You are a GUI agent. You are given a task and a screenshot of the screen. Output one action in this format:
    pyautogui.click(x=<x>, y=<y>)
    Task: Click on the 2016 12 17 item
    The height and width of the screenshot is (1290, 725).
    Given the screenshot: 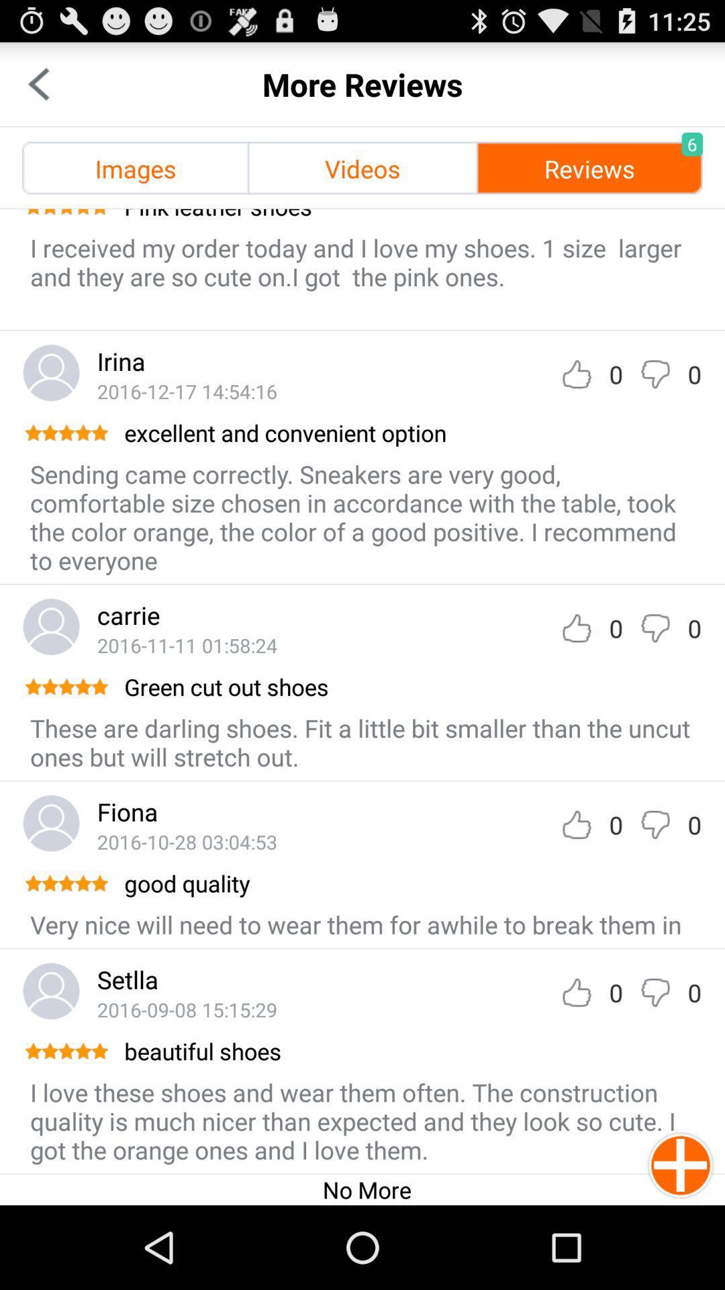 What is the action you would take?
    pyautogui.click(x=187, y=390)
    